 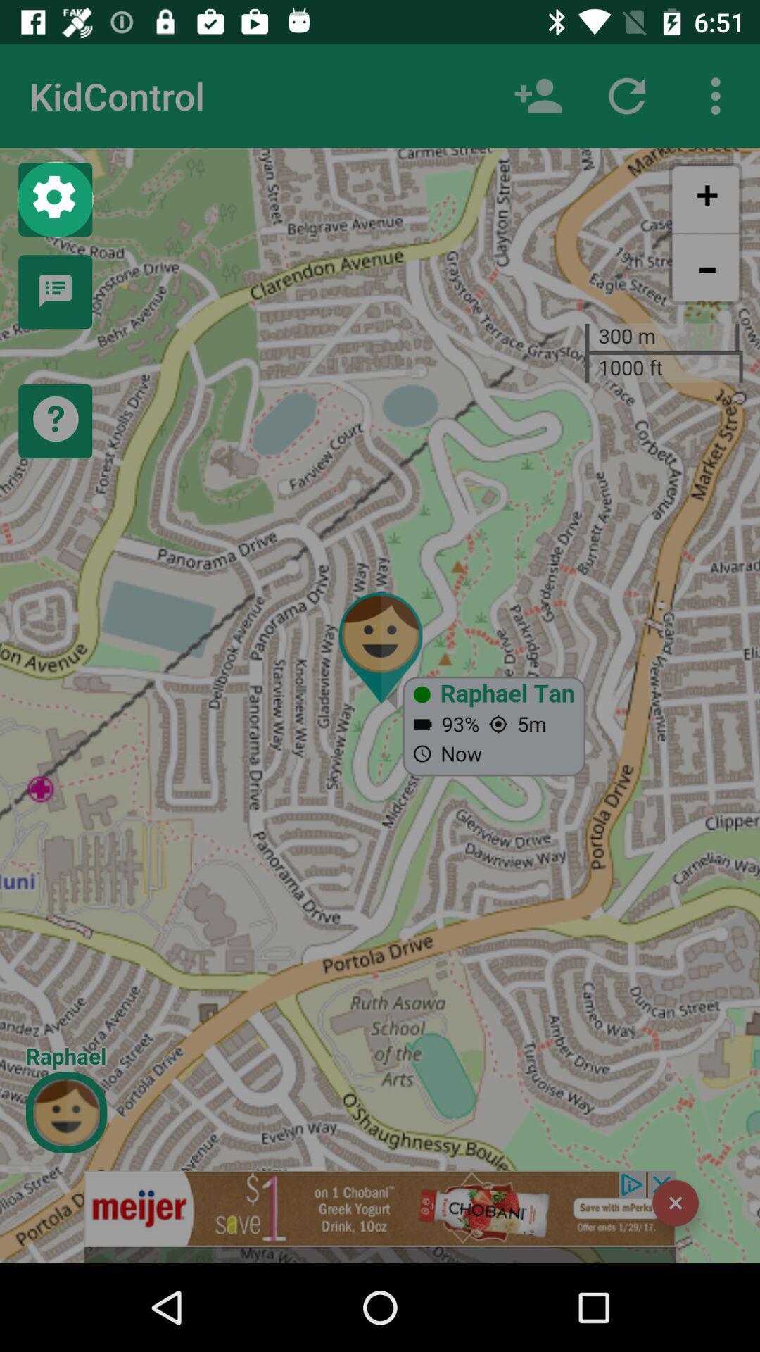 What do you see at coordinates (538, 95) in the screenshot?
I see `a person` at bounding box center [538, 95].